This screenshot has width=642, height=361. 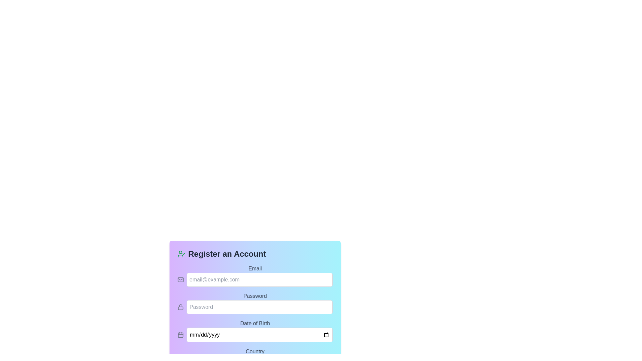 I want to click on the static text label that serves as a date input field descriptor, located below the 'Password' input field and above the date input field on the registration form, so click(x=255, y=323).